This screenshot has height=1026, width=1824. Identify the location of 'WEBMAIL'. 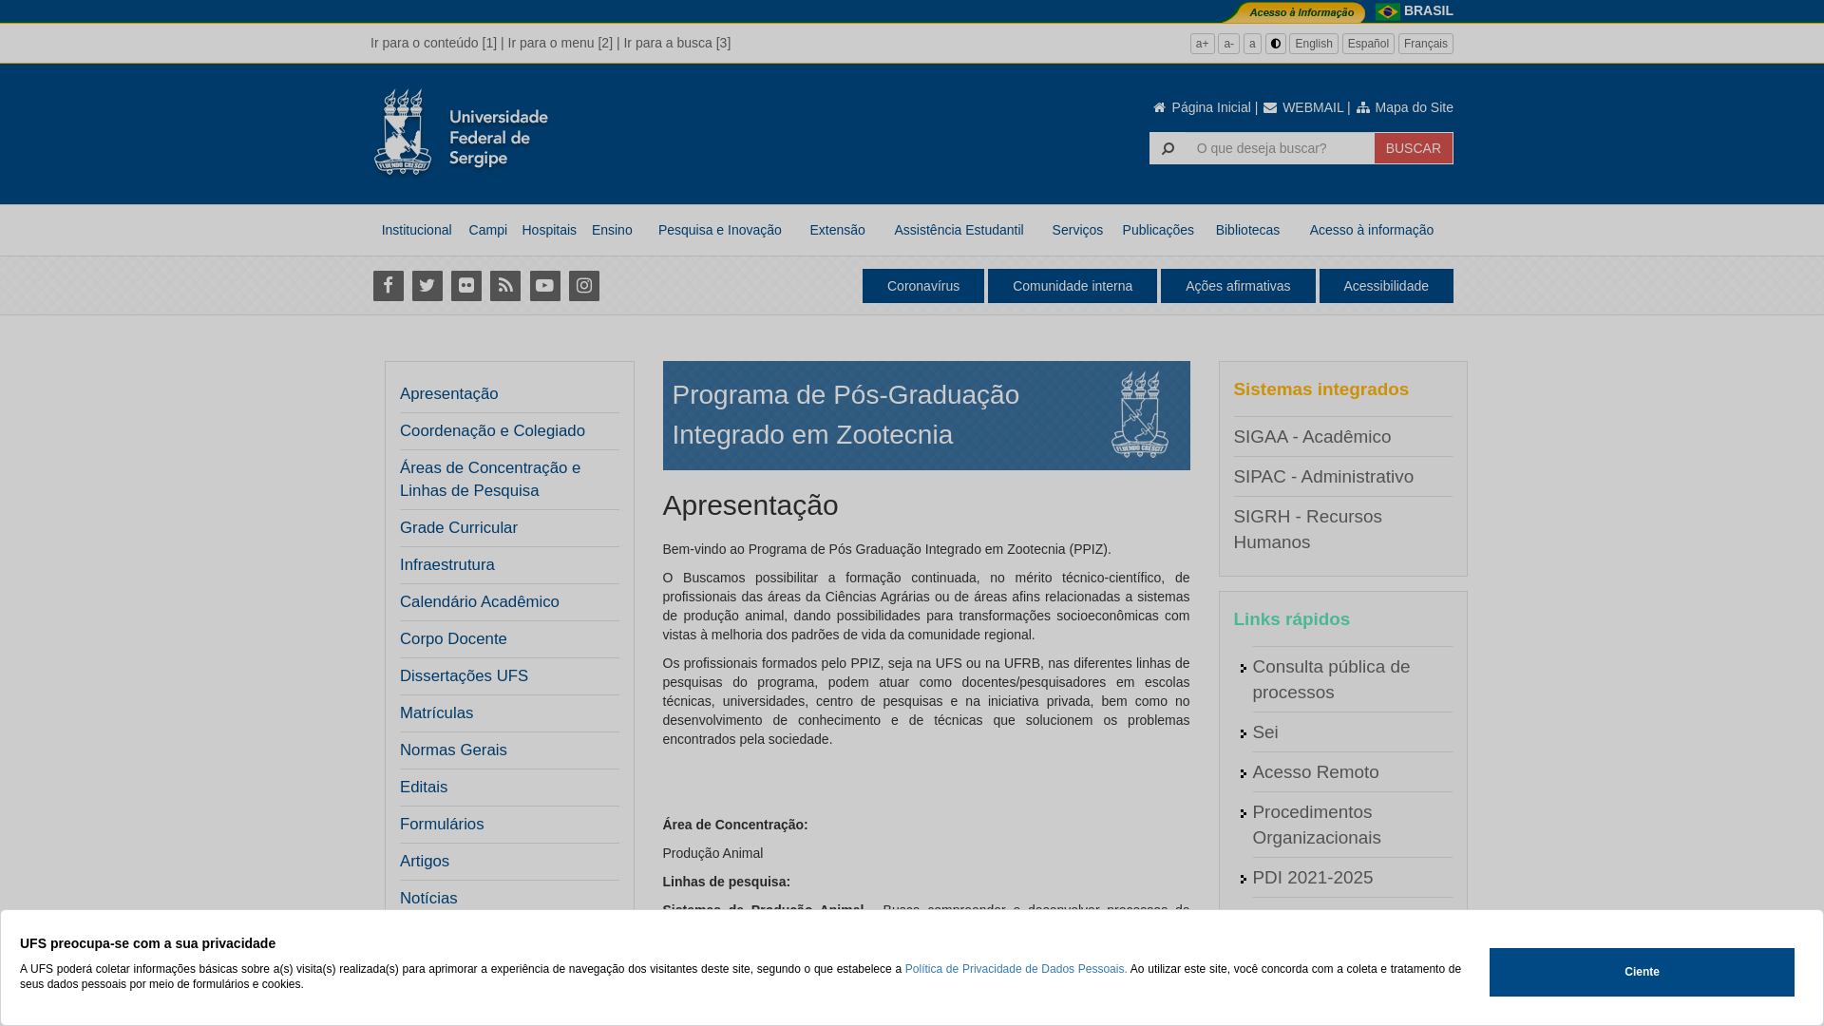
(1301, 106).